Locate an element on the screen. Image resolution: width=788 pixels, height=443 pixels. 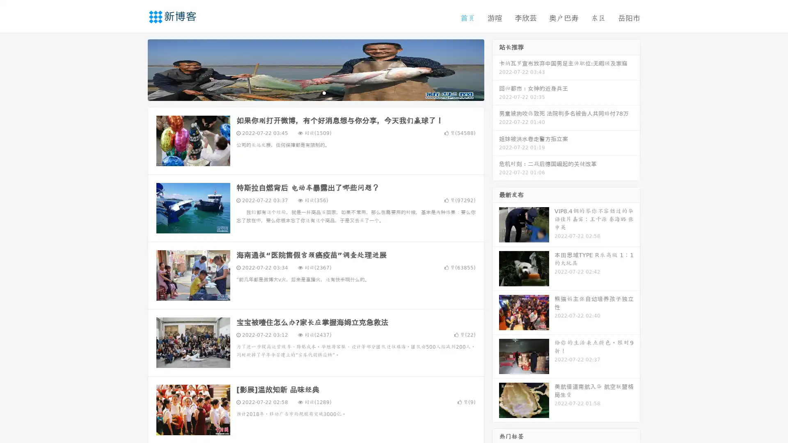
Next slide is located at coordinates (496, 69).